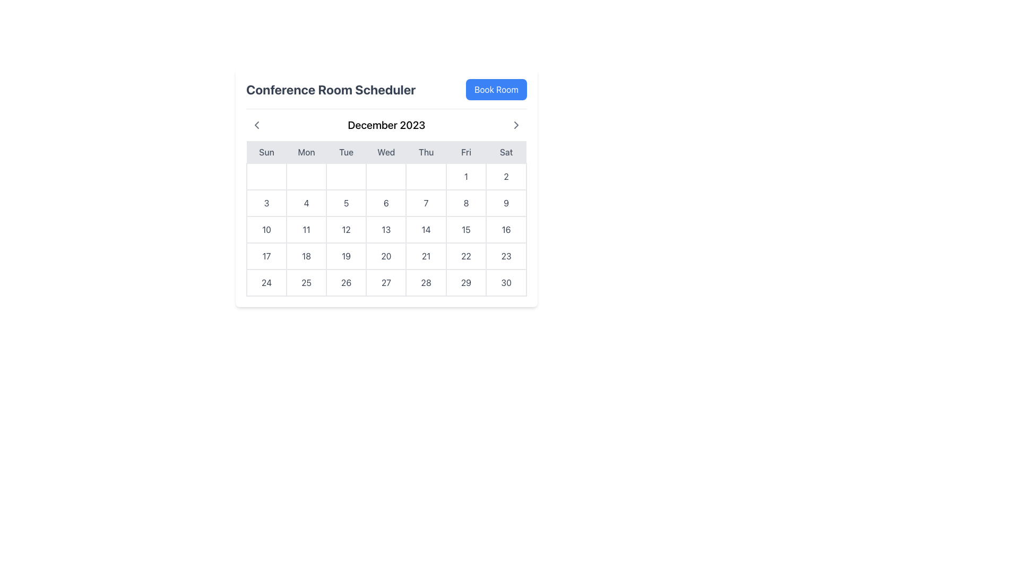 The image size is (1019, 573). What do you see at coordinates (426, 152) in the screenshot?
I see `the text label for the fifth day column in the weekly calendar grid, which is part of a horizontally aligned list starting with 'Sun'` at bounding box center [426, 152].